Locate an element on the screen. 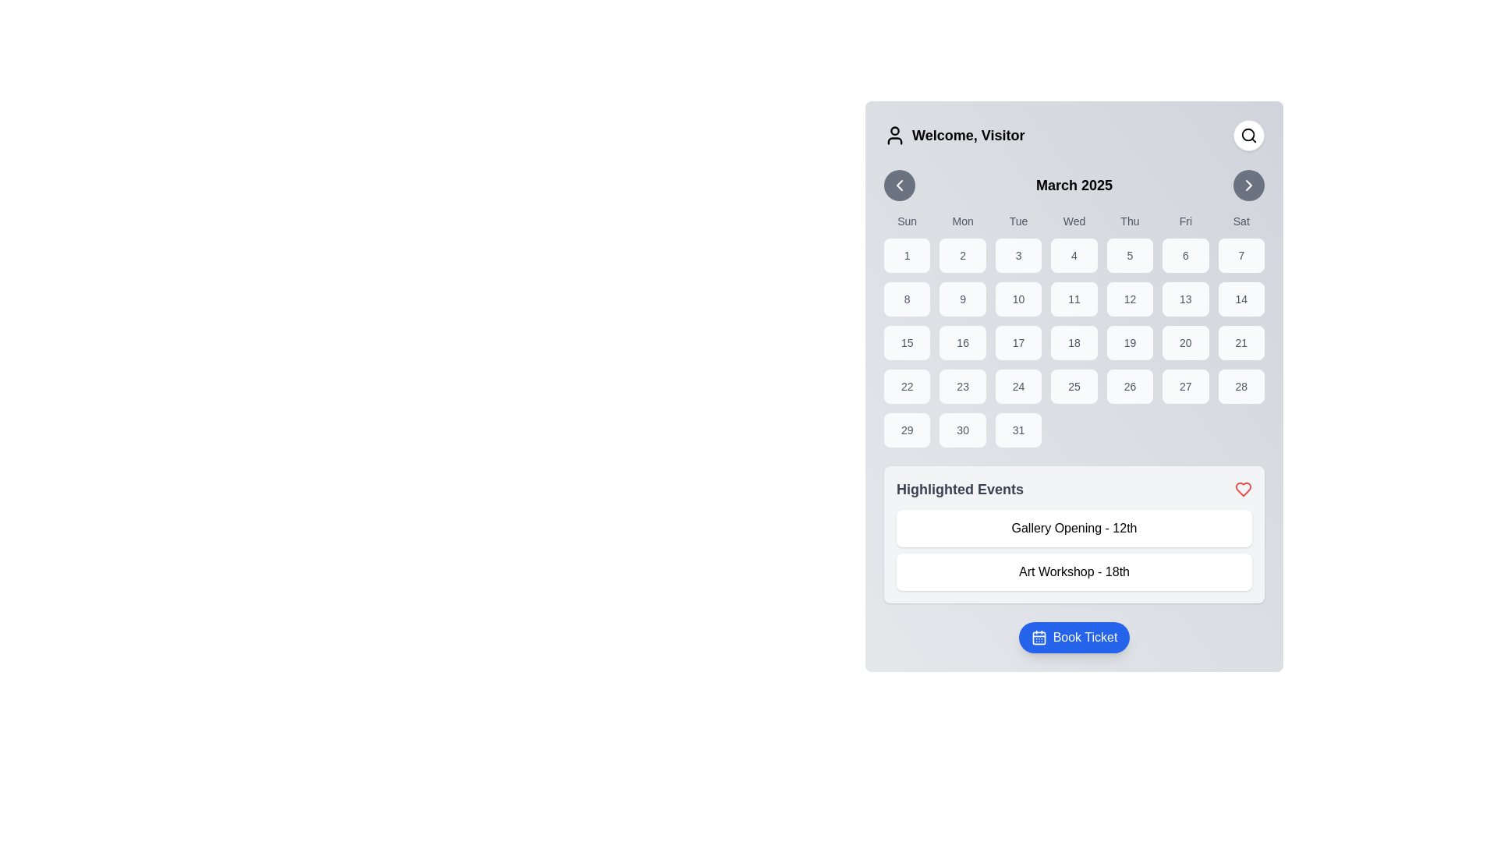  the button-like grid cell containing the numeral '30' in a bold sans-serif font is located at coordinates (961, 430).